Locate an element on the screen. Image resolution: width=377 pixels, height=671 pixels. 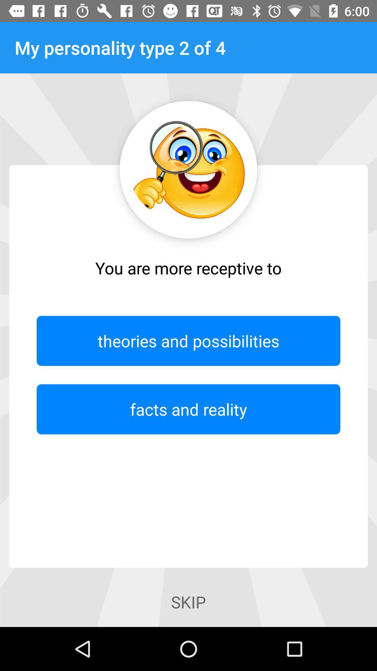
skip is located at coordinates (188, 601).